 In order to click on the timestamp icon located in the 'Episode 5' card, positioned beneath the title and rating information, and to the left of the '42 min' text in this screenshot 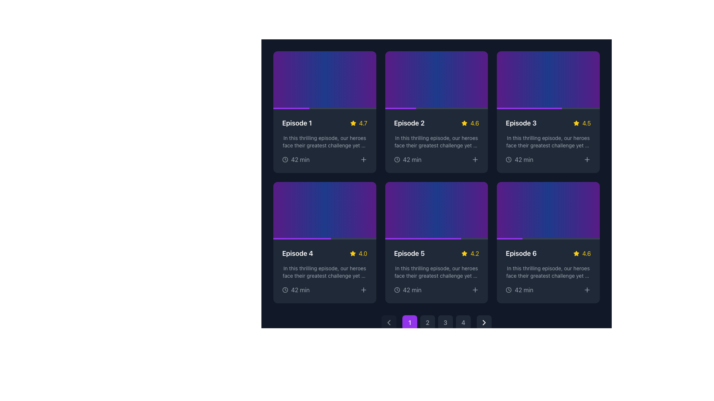, I will do `click(396, 290)`.